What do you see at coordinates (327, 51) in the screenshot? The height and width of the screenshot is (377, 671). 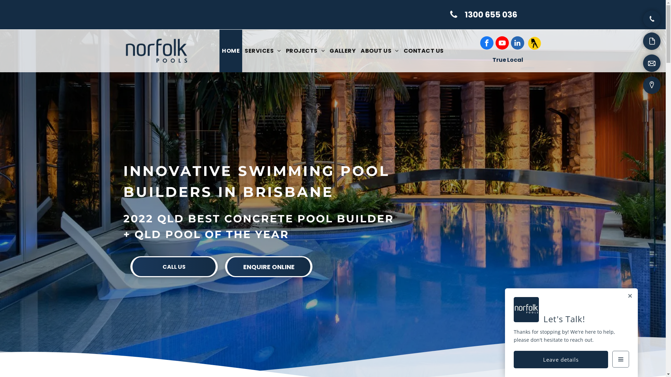 I see `'GALLERY'` at bounding box center [327, 51].